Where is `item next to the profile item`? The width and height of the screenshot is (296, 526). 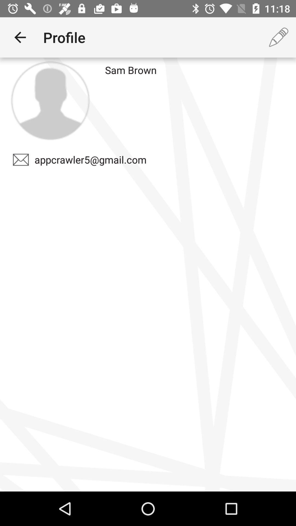 item next to the profile item is located at coordinates (20, 37).